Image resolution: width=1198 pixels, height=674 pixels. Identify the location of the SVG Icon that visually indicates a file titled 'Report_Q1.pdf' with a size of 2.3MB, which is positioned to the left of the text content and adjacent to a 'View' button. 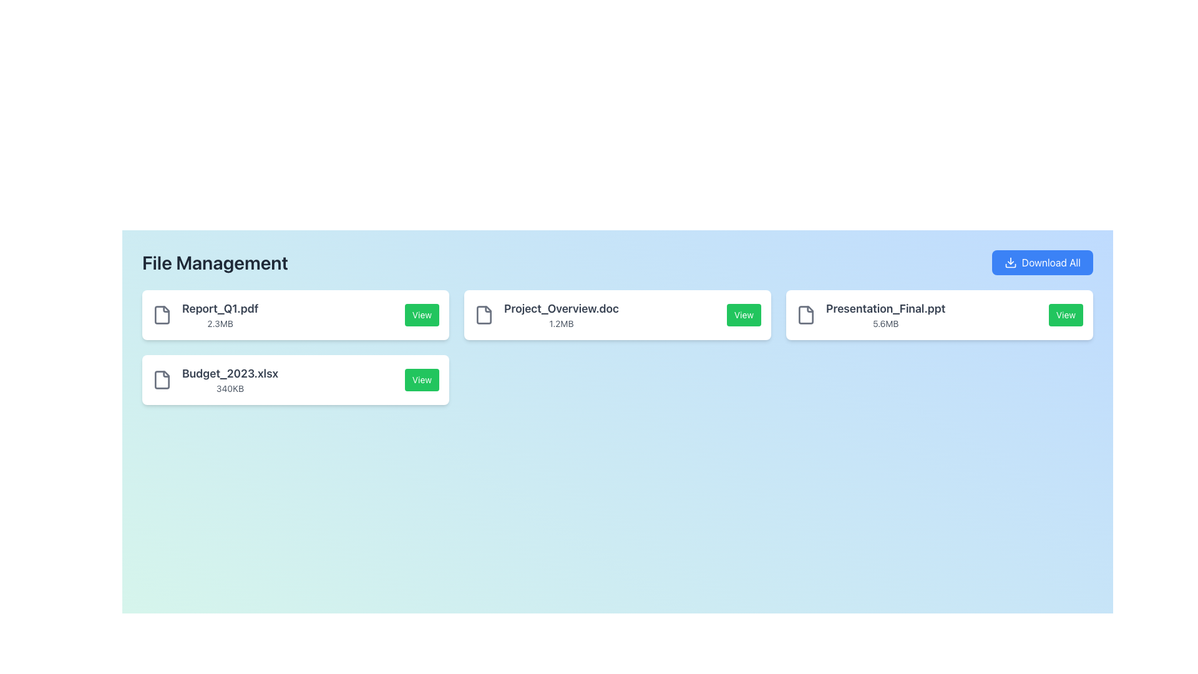
(161, 315).